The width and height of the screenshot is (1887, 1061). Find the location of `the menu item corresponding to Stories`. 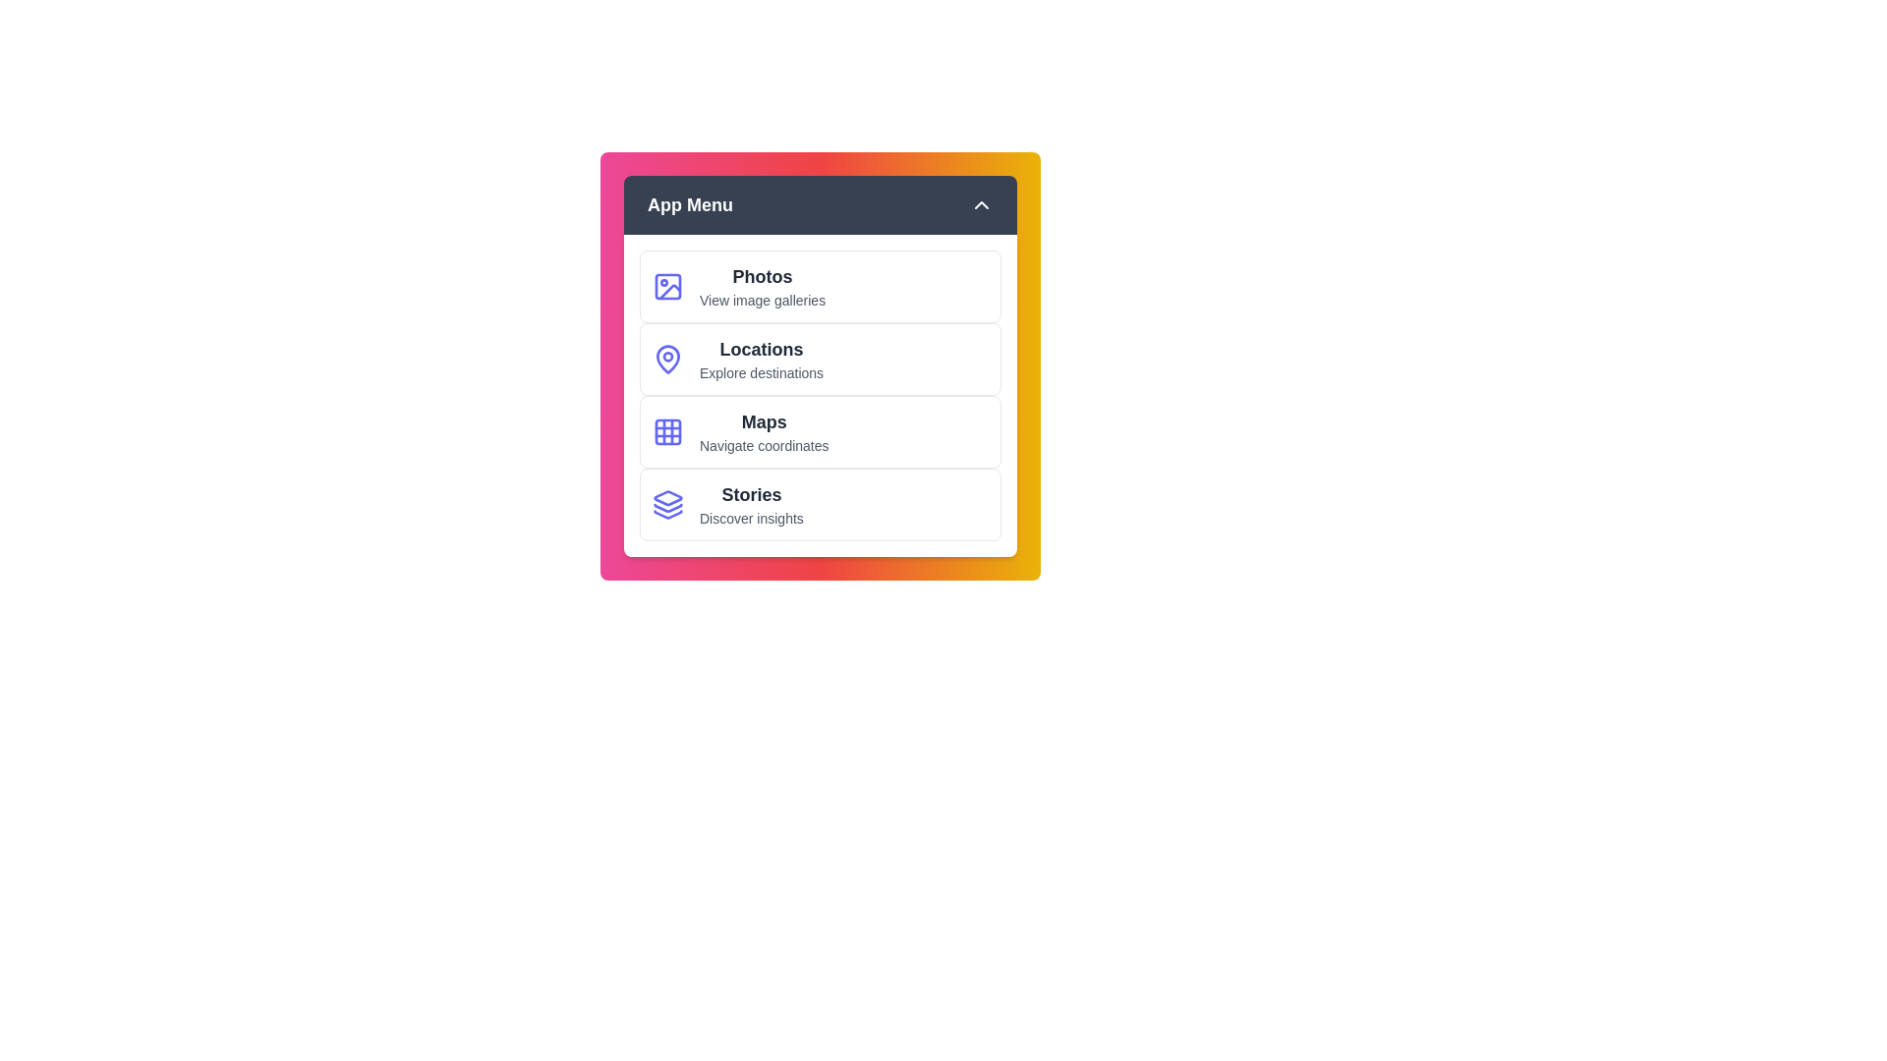

the menu item corresponding to Stories is located at coordinates (821, 503).